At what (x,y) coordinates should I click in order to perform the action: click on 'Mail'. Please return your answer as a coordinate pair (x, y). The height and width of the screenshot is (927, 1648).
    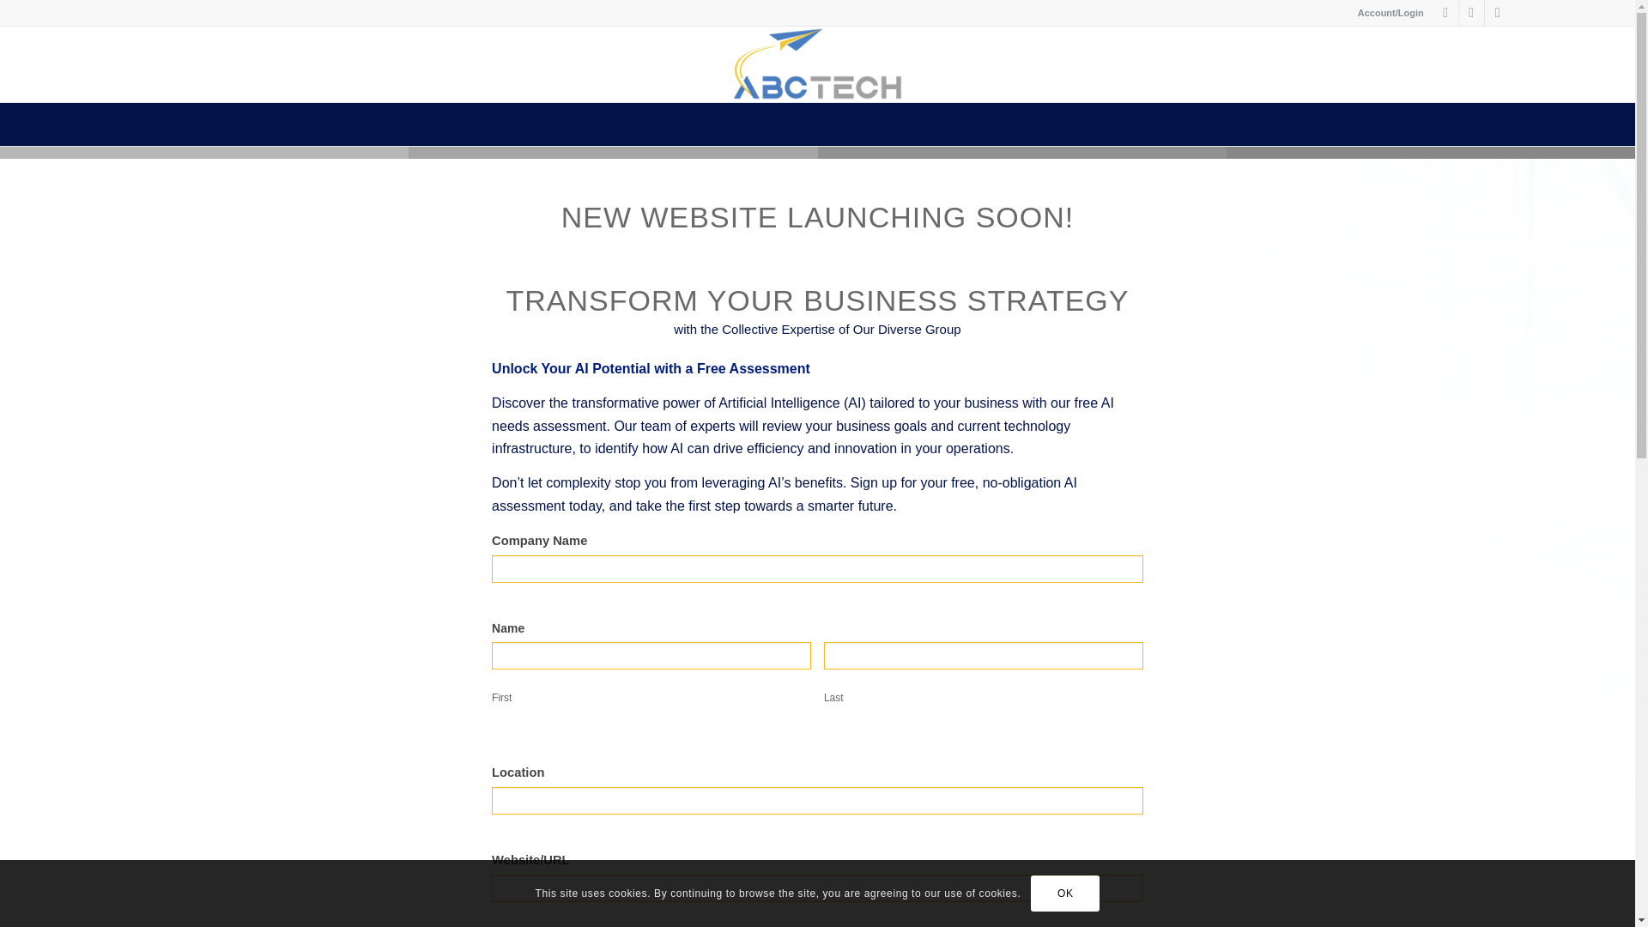
    Looking at the image, I should click on (1497, 13).